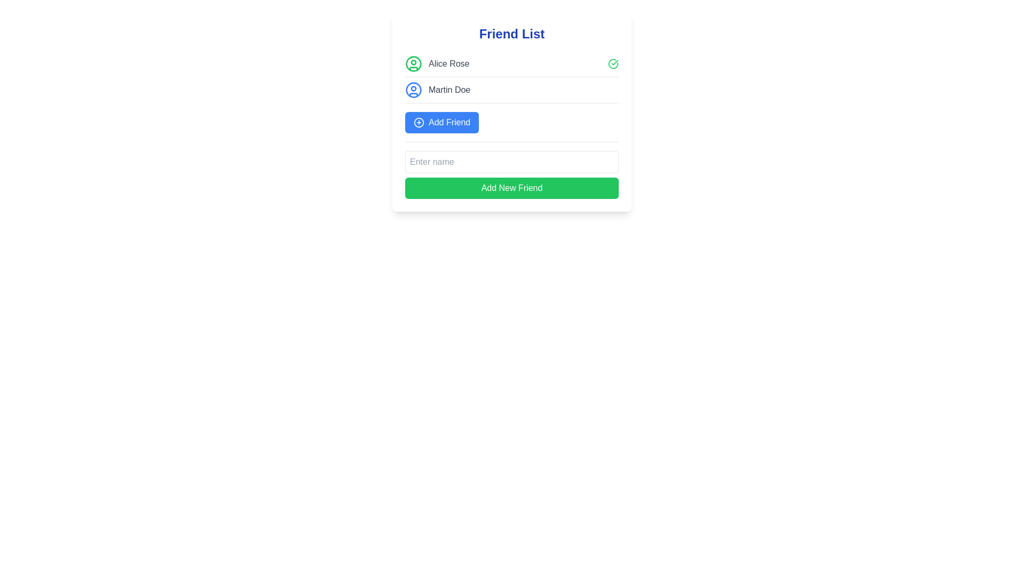 The width and height of the screenshot is (1025, 576). What do you see at coordinates (413, 63) in the screenshot?
I see `the green circular icon that represents the first user profile in the 'Friend List' section of the user interface` at bounding box center [413, 63].